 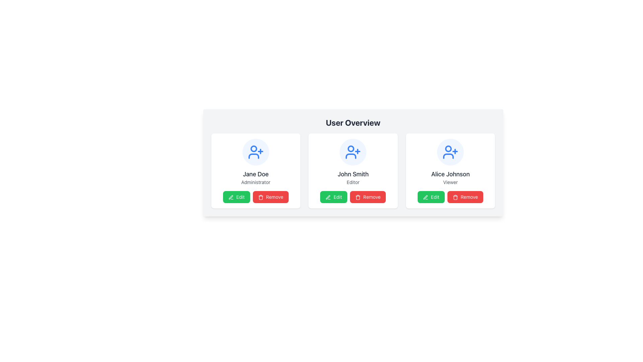 What do you see at coordinates (353, 182) in the screenshot?
I see `the small text label reading 'Editor', which is styled in gray font and located below the name 'John Smith' and above the buttons 'Edit' and 'Remove'` at bounding box center [353, 182].